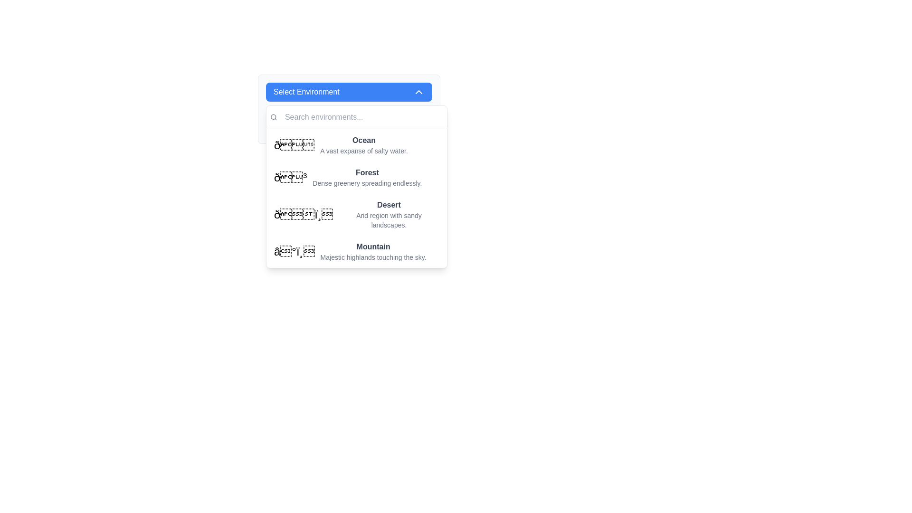  What do you see at coordinates (367, 178) in the screenshot?
I see `title 'Forest' and subtitle 'Dense greenery spreading endlessly.' from the second item in the dropdown list panel under the 'Select Environment' header` at bounding box center [367, 178].